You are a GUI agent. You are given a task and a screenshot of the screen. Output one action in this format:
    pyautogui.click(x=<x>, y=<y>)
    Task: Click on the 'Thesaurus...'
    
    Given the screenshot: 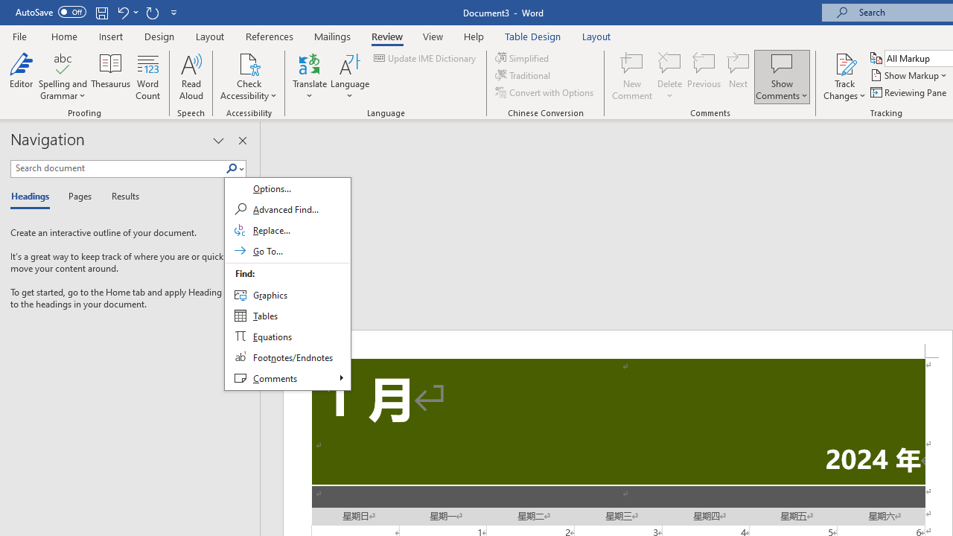 What is the action you would take?
    pyautogui.click(x=110, y=77)
    